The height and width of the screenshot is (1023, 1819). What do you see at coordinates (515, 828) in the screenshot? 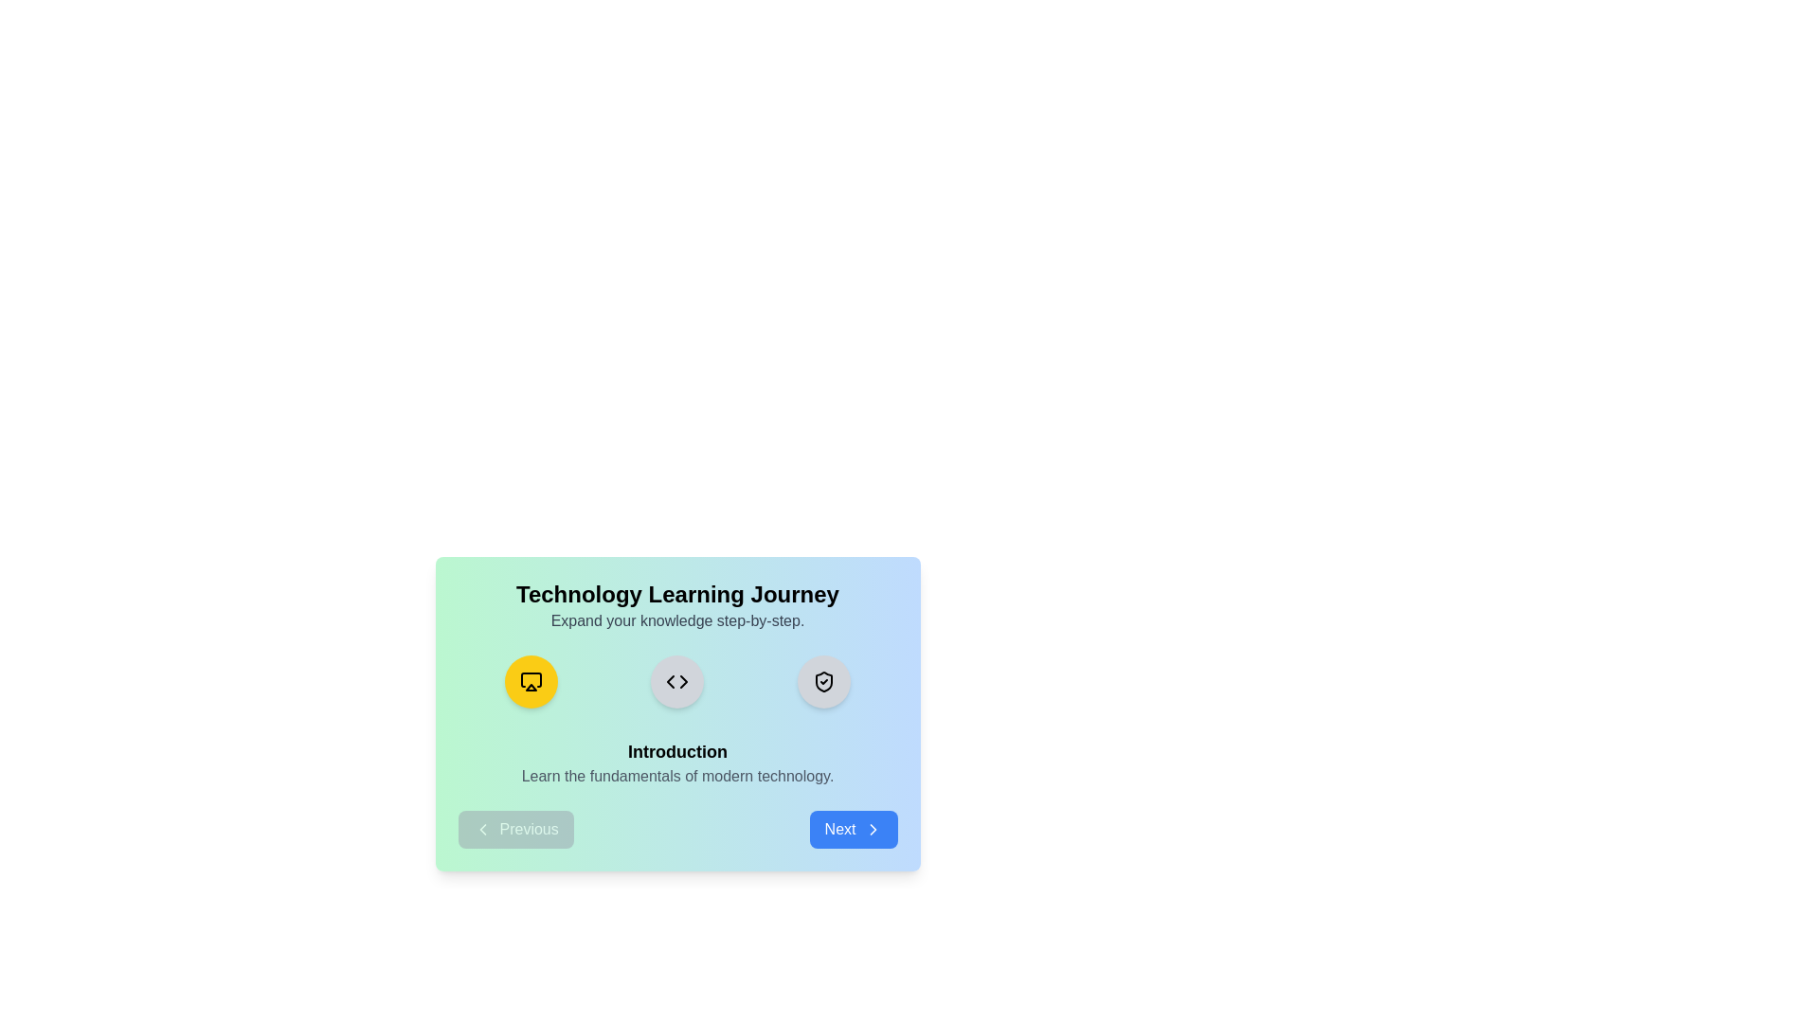
I see `the Previous button to navigate` at bounding box center [515, 828].